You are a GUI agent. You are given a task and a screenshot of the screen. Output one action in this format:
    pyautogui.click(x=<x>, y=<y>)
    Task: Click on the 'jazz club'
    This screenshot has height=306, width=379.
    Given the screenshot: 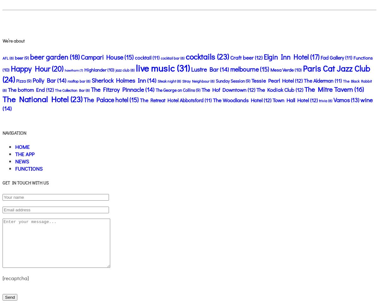 What is the action you would take?
    pyautogui.click(x=122, y=70)
    